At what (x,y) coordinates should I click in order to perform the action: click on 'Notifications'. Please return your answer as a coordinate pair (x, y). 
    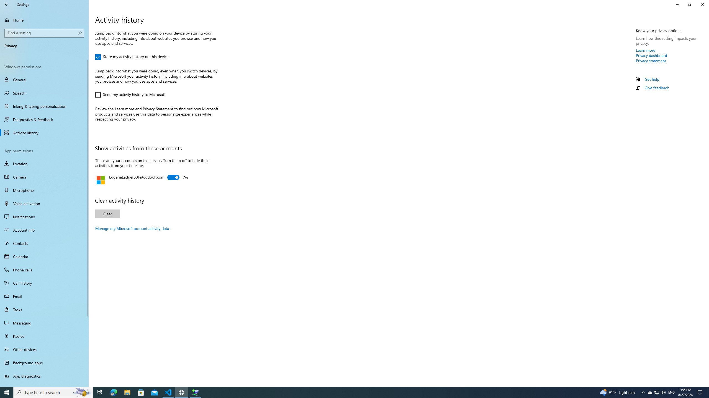
    Looking at the image, I should click on (44, 217).